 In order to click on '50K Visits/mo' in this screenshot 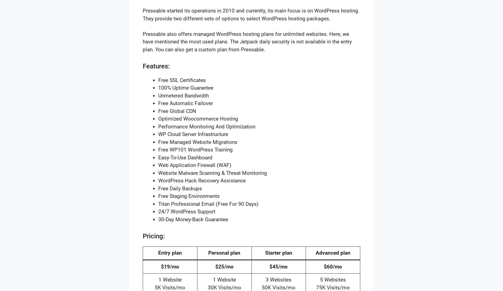, I will do `click(278, 287)`.